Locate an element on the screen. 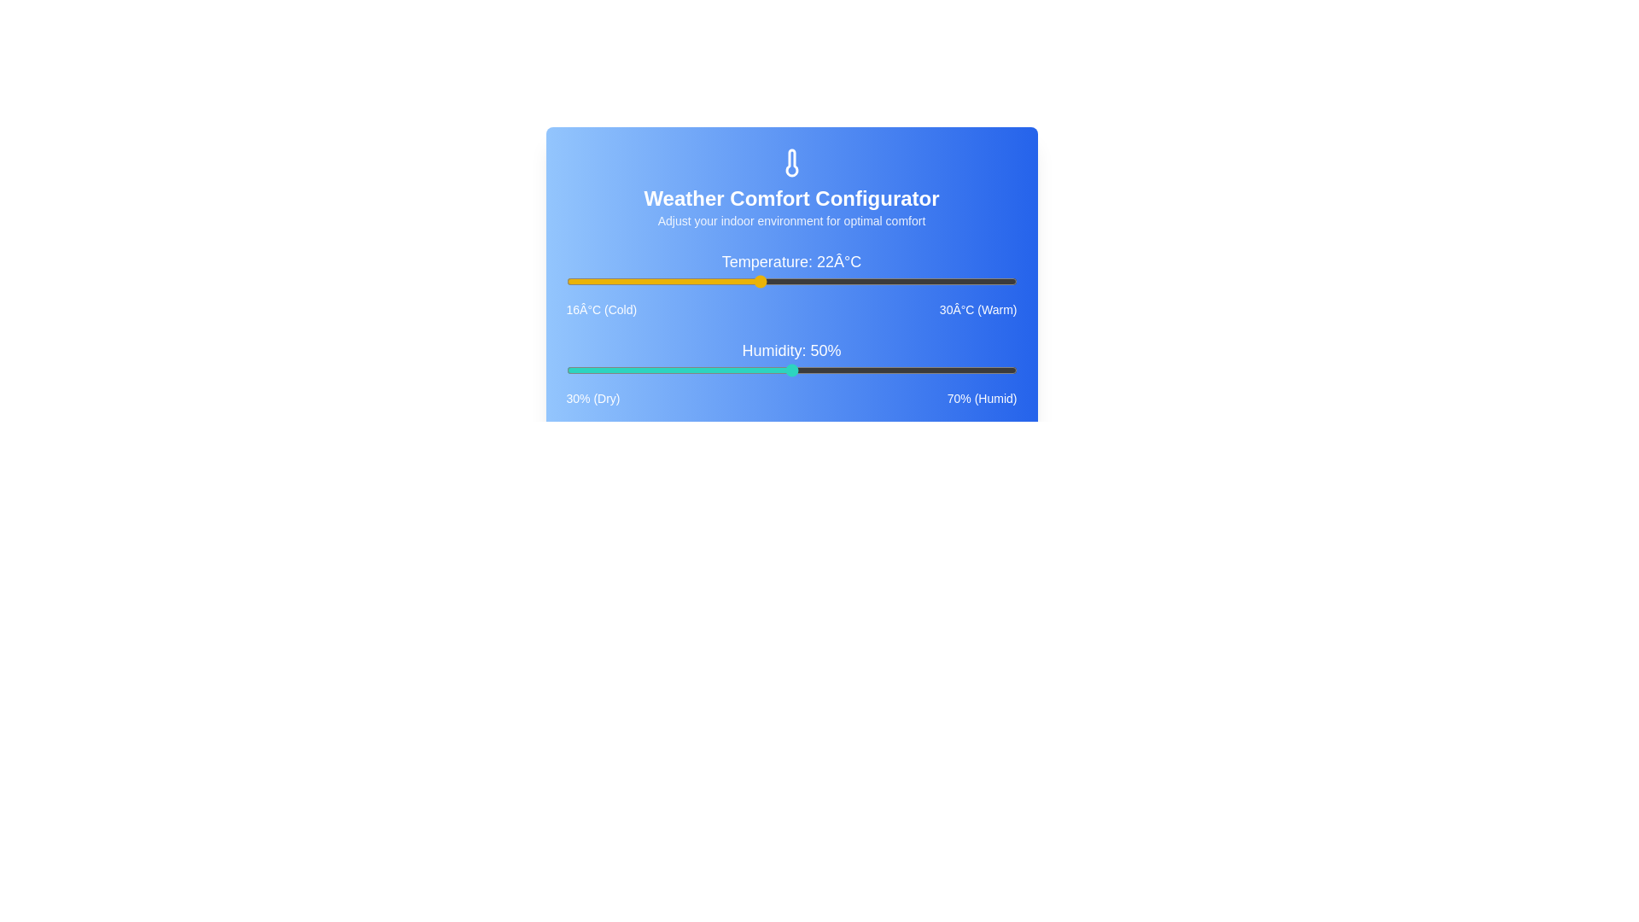 The height and width of the screenshot is (922, 1639). the humidity slider to 56% is located at coordinates (859, 370).